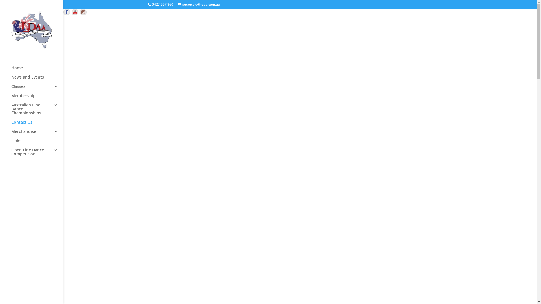 Image resolution: width=541 pixels, height=304 pixels. Describe the element at coordinates (199, 4) in the screenshot. I see `'secretary@ldaa.com.au'` at that location.